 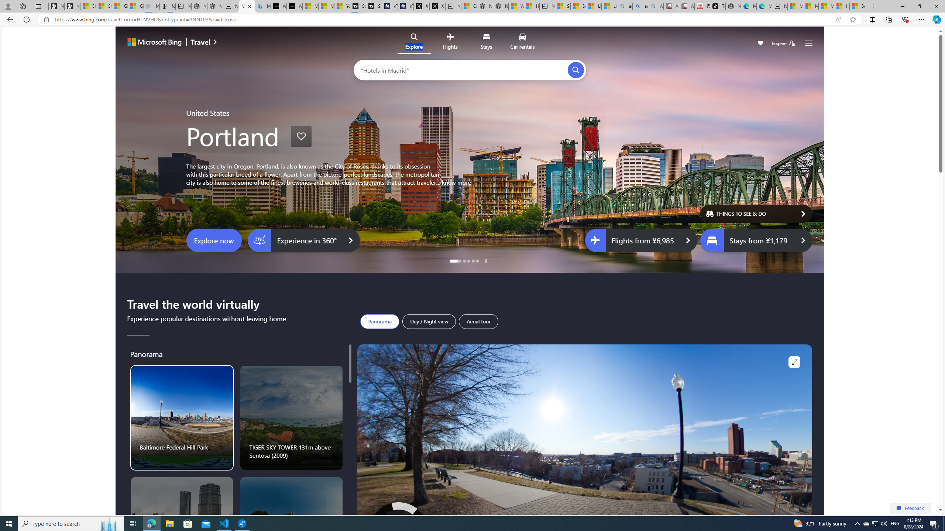 I want to click on 'Microsoft Start', so click(x=826, y=6).